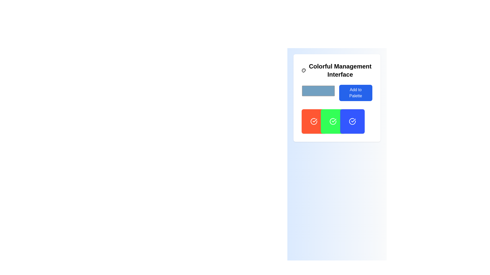 Image resolution: width=490 pixels, height=275 pixels. Describe the element at coordinates (352, 121) in the screenshot. I see `the checkmark icon inside a circle, which is styled in white against a vibrant blue square background, located in the bottom right square of a 3x1 grid below the title 'Colorful Management Interface'` at that location.